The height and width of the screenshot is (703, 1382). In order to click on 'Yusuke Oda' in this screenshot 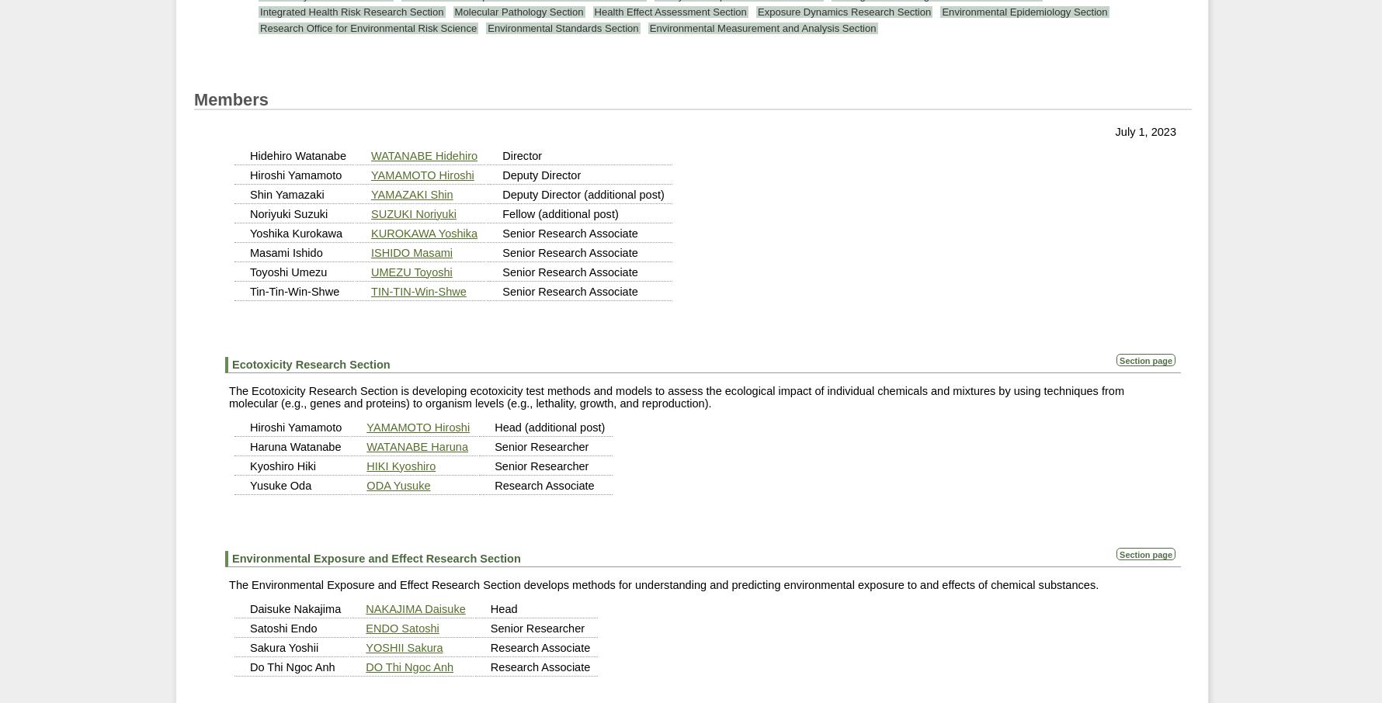, I will do `click(280, 484)`.